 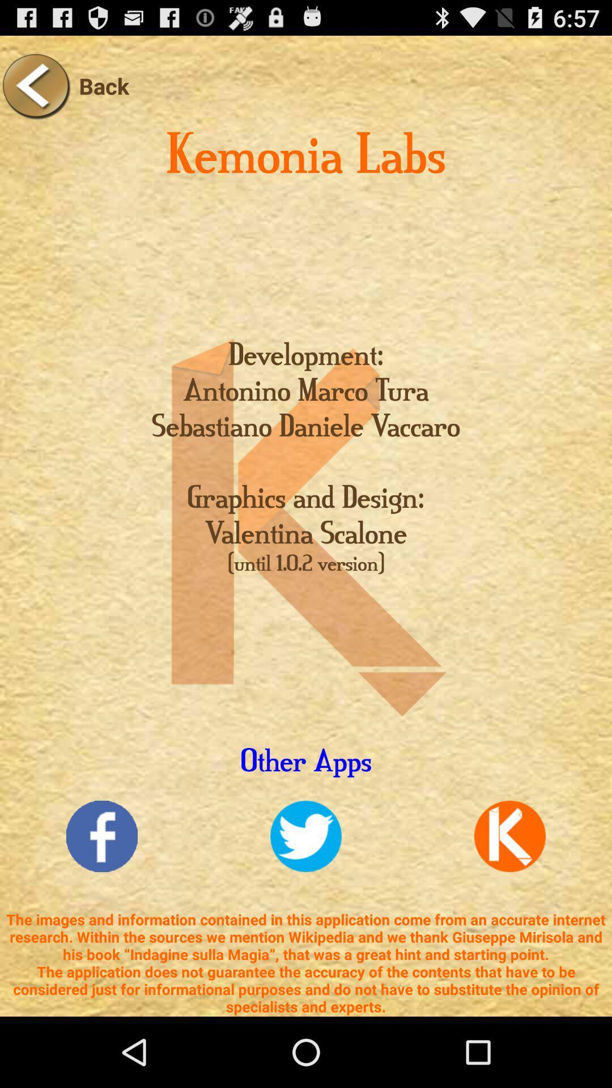 I want to click on switch to facebook option, so click(x=102, y=836).